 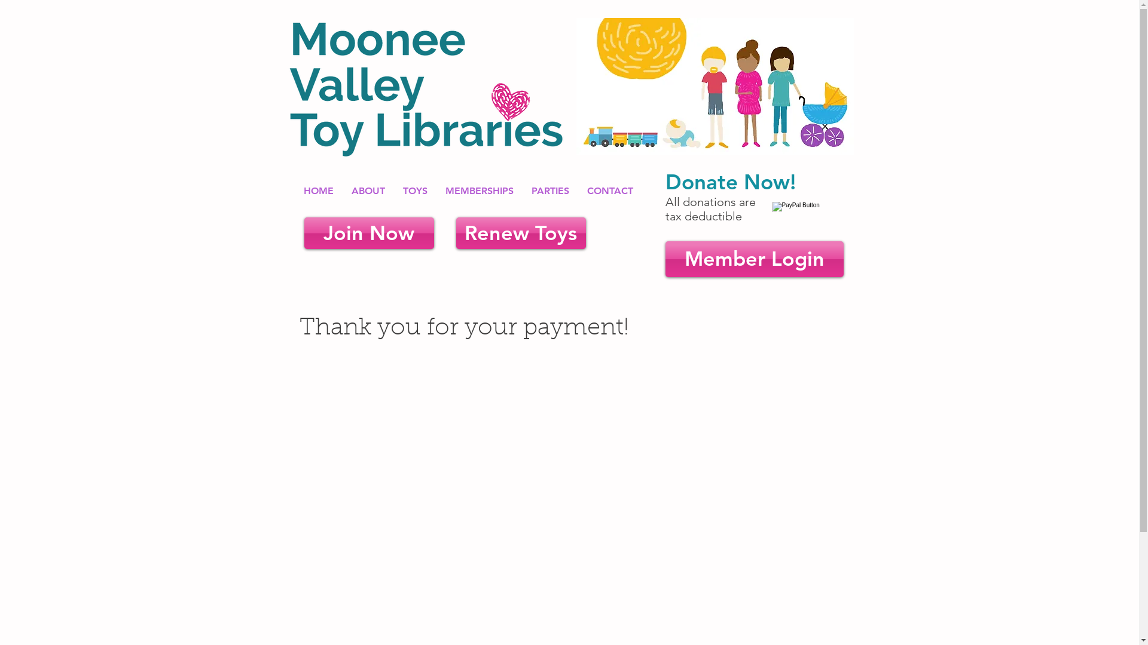 I want to click on 'HOME', so click(x=318, y=190).